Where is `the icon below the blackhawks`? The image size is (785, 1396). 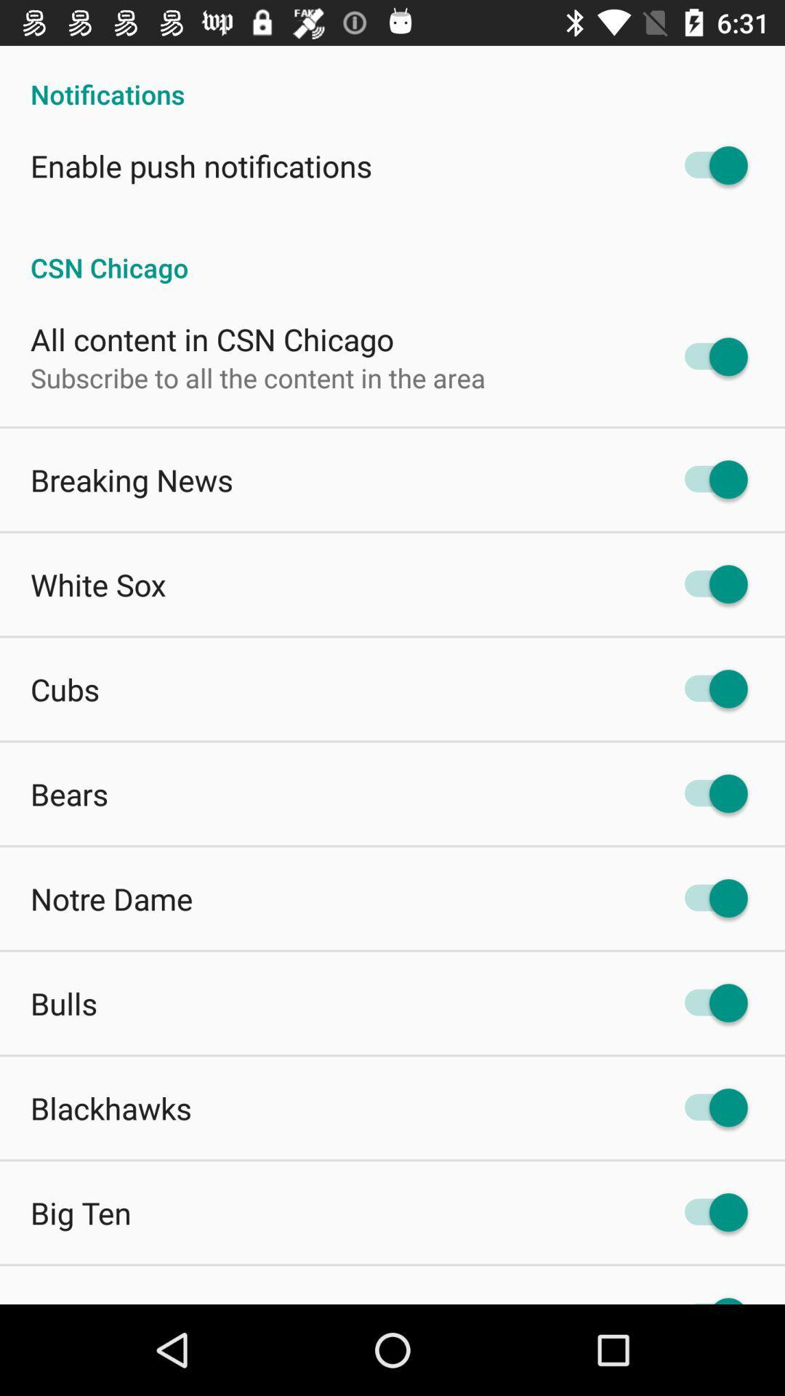
the icon below the blackhawks is located at coordinates (81, 1213).